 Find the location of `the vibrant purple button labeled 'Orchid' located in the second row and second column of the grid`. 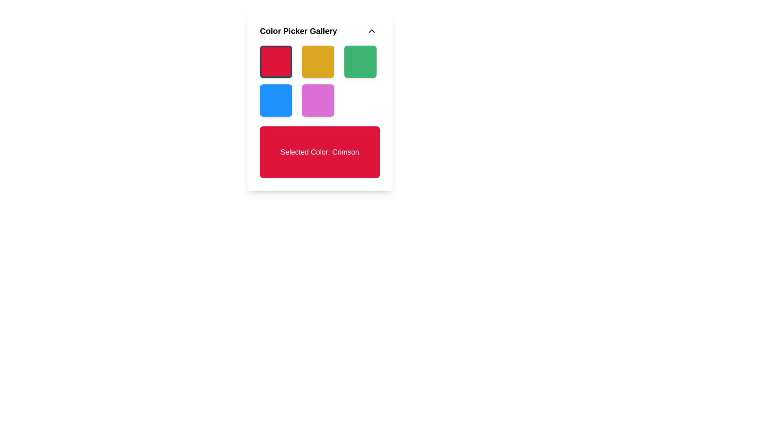

the vibrant purple button labeled 'Orchid' located in the second row and second column of the grid is located at coordinates (318, 100).